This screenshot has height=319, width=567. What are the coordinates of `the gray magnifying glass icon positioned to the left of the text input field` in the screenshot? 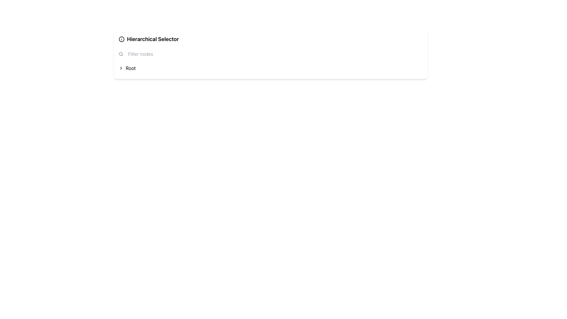 It's located at (120, 54).